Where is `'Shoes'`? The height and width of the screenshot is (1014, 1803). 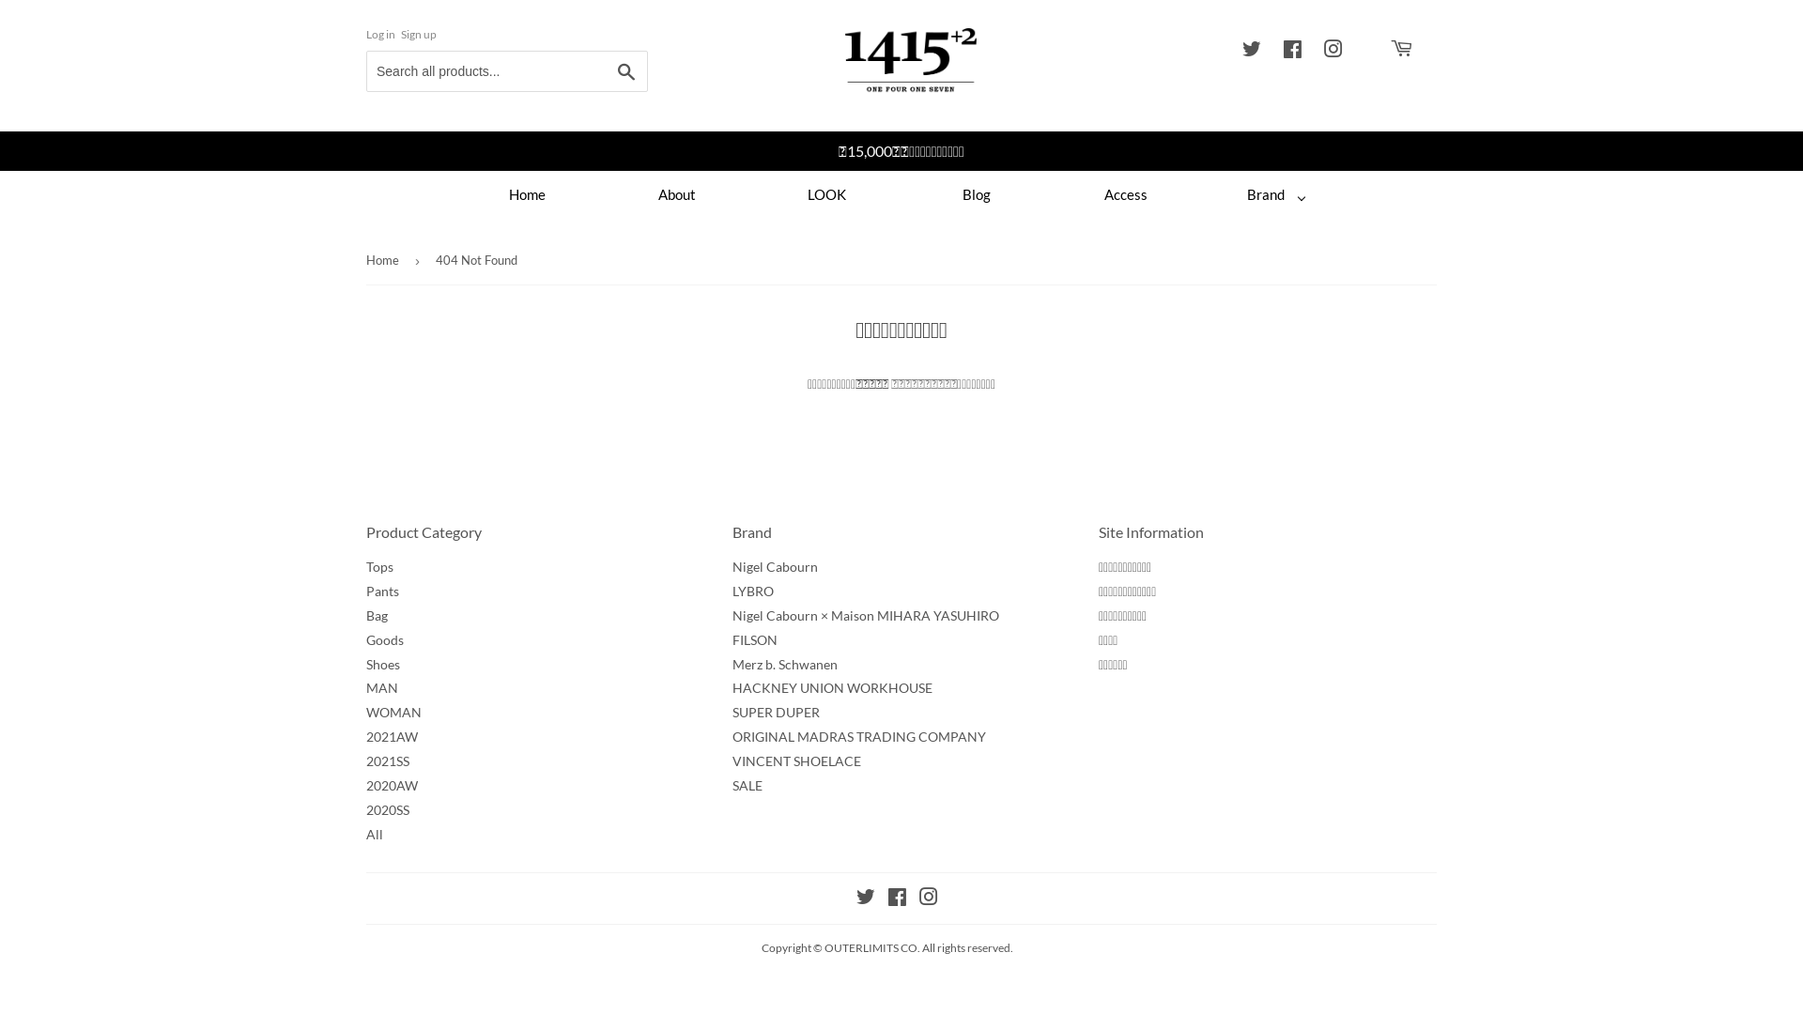
'Shoes' is located at coordinates (382, 663).